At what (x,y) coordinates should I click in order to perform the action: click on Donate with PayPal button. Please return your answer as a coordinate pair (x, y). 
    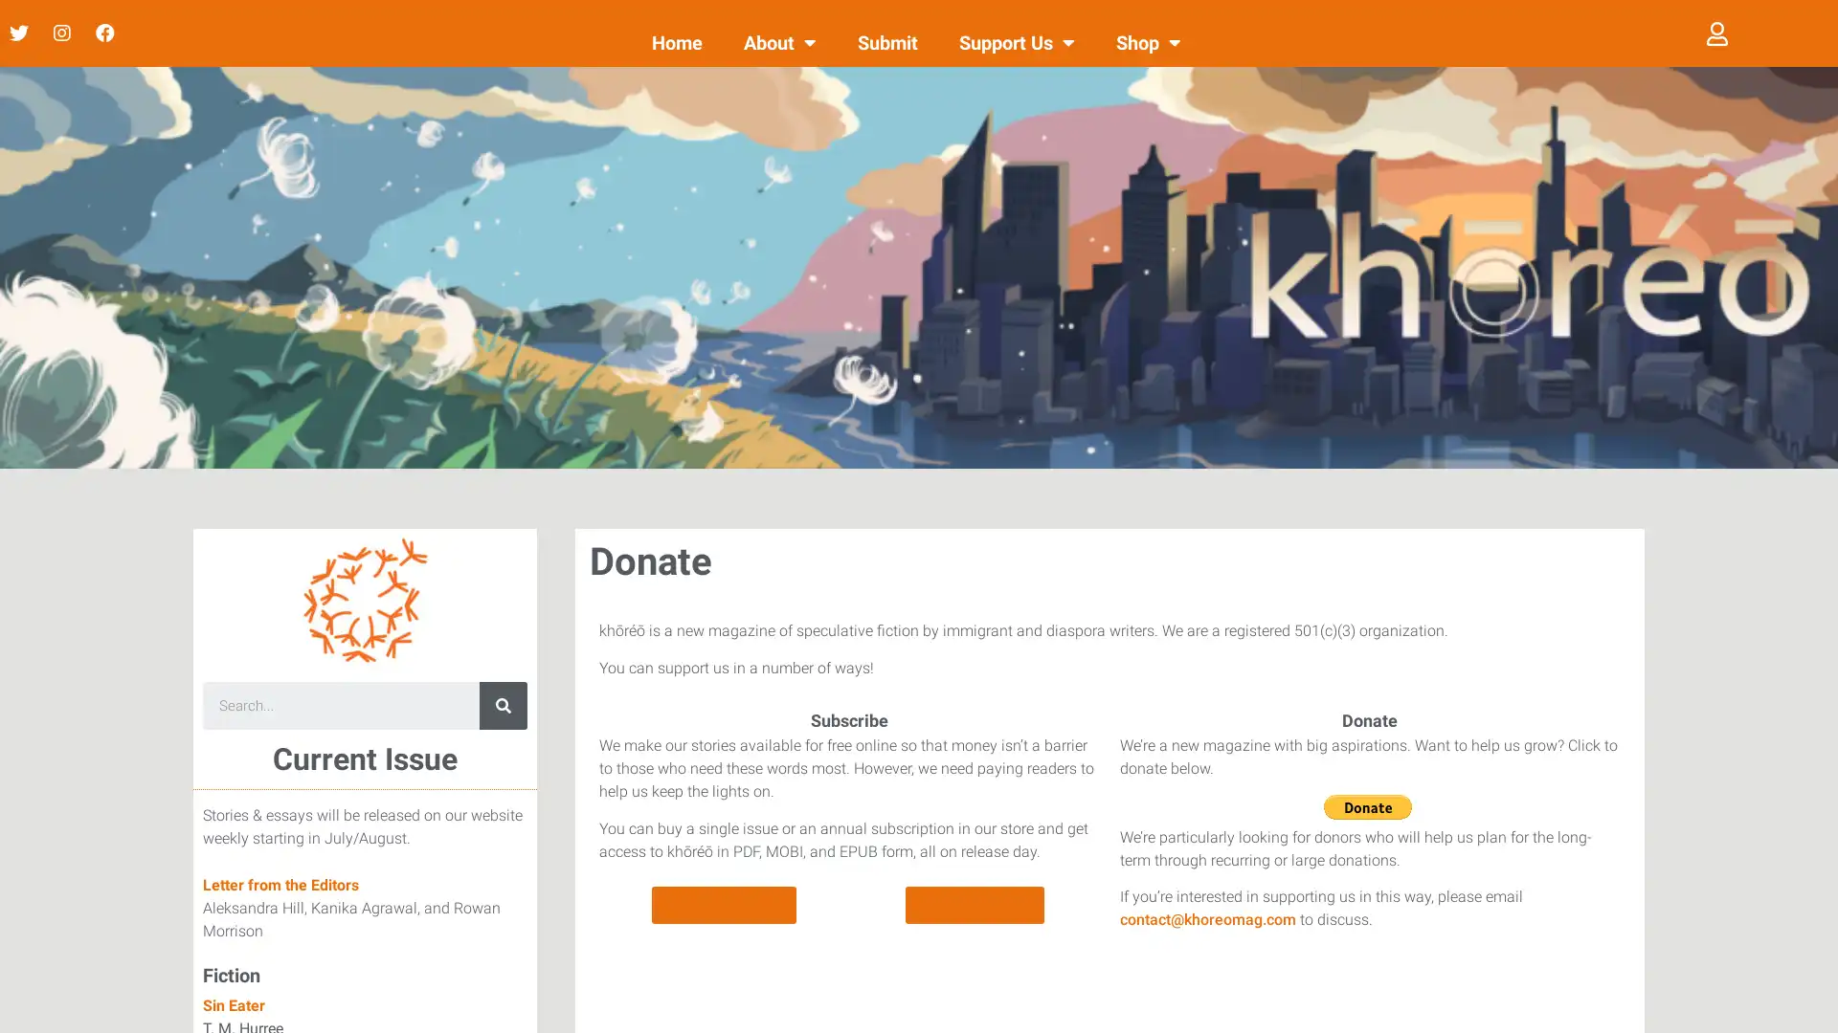
    Looking at the image, I should click on (1366, 806).